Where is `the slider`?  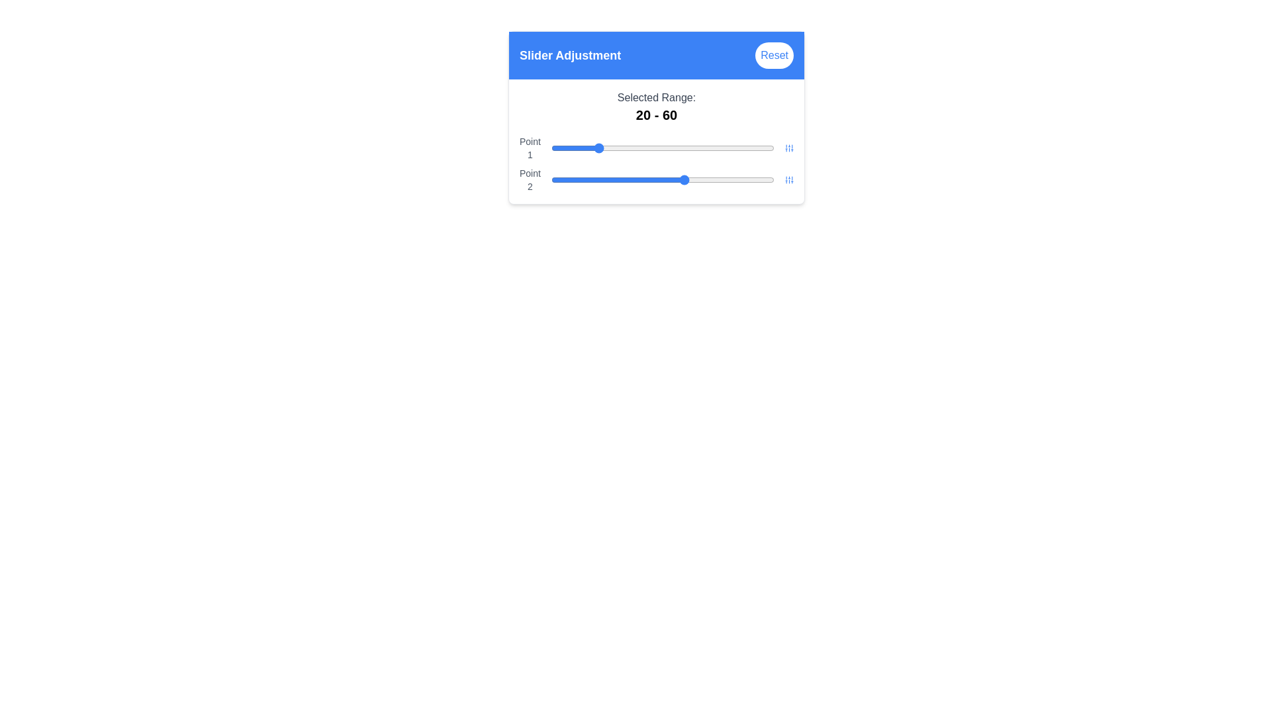
the slider is located at coordinates (681, 180).